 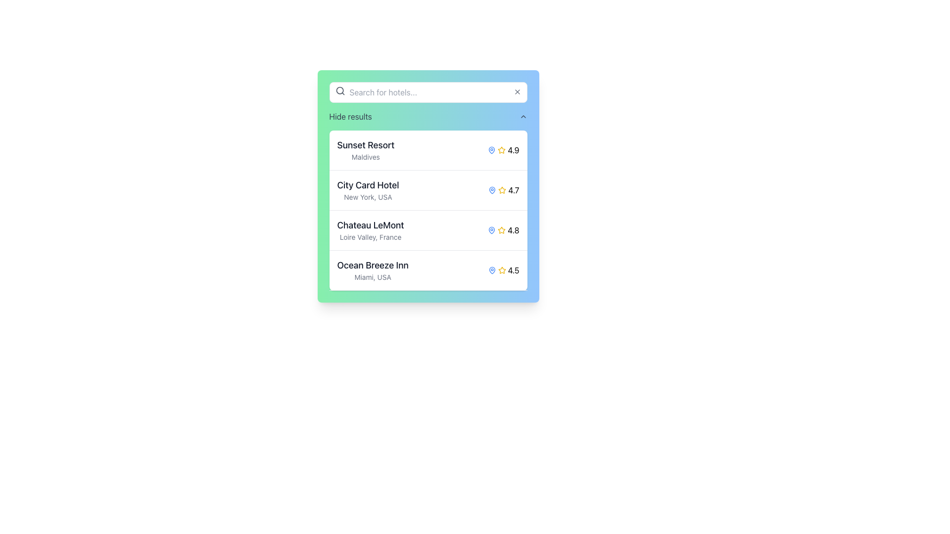 What do you see at coordinates (504, 190) in the screenshot?
I see `numerical rating value '4.7' displayed in a large, bold font format, which is accompanied by a small, yellow star graphic to its left, located on the right side of the 'City Card Hotel' card` at bounding box center [504, 190].